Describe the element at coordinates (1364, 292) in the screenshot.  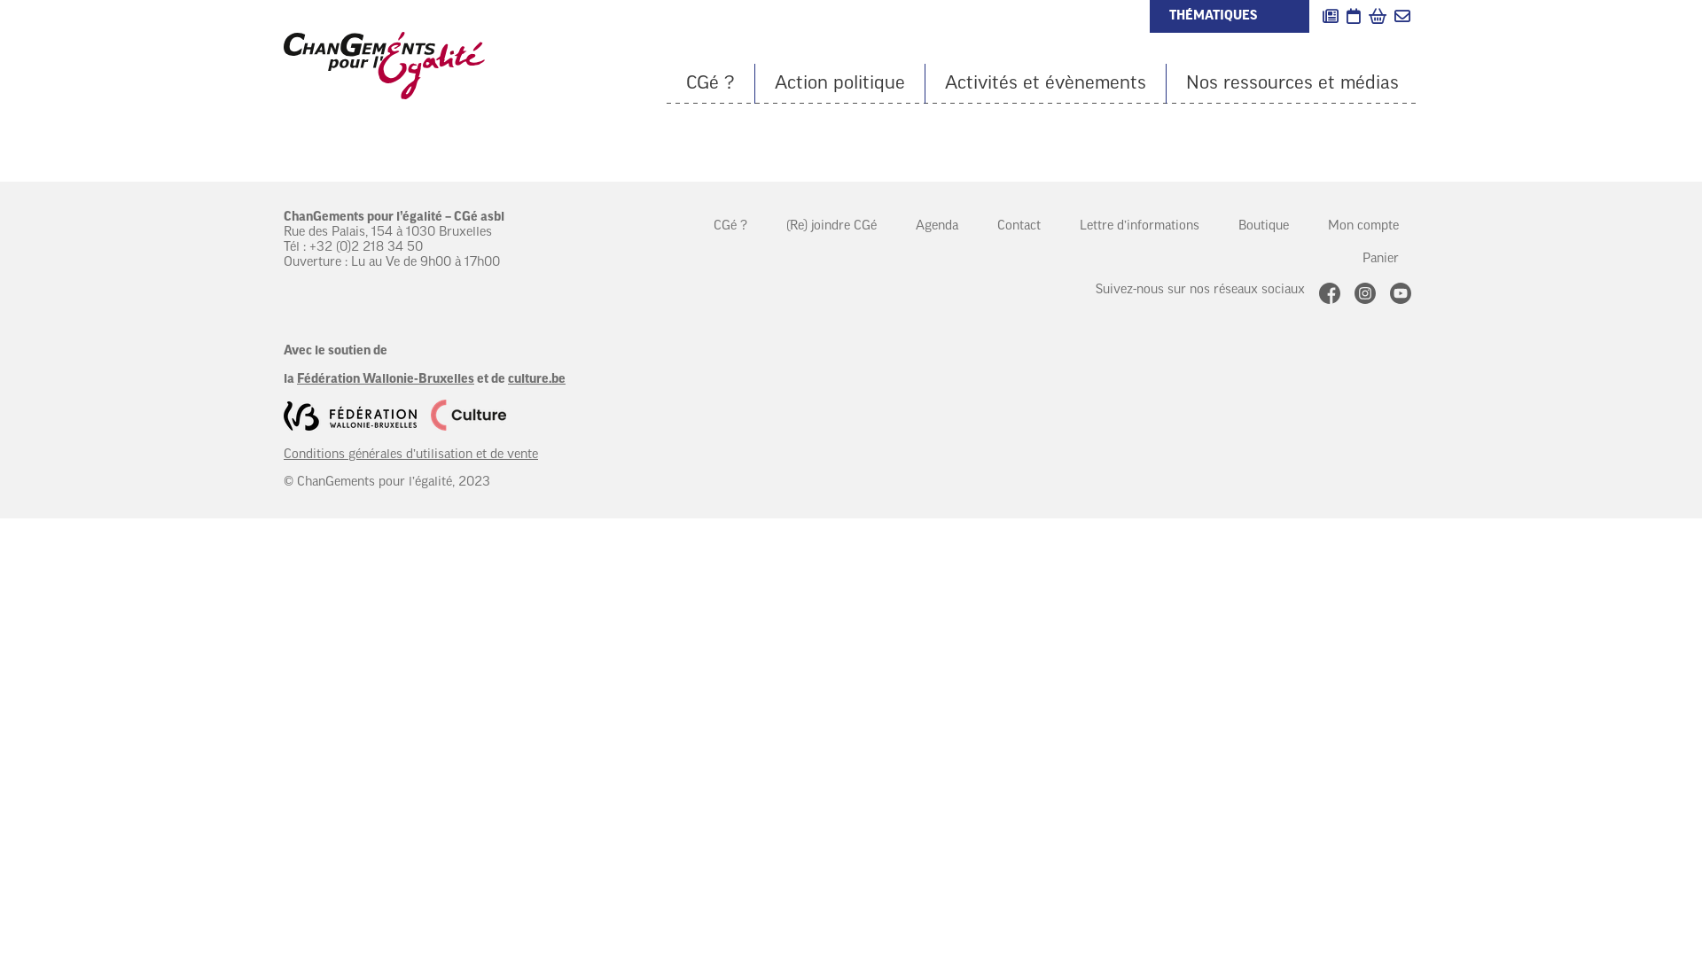
I see `'Instagram'` at that location.